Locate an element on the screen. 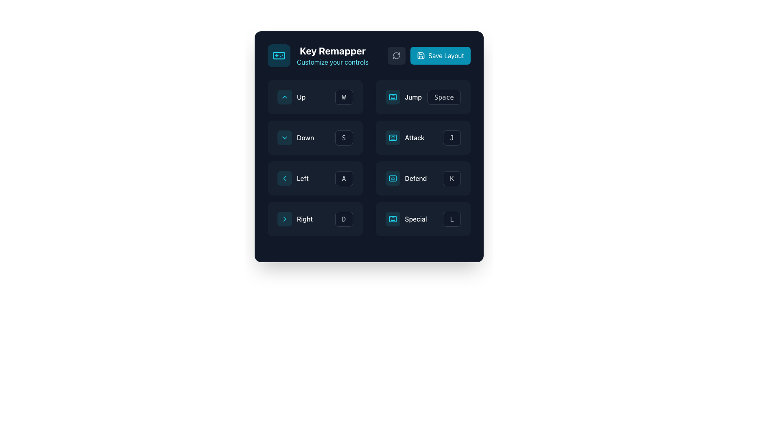 This screenshot has height=439, width=781. the icon background element with a rectangular shape and rounded corners to explore context menu options related to the icon is located at coordinates (393, 137).